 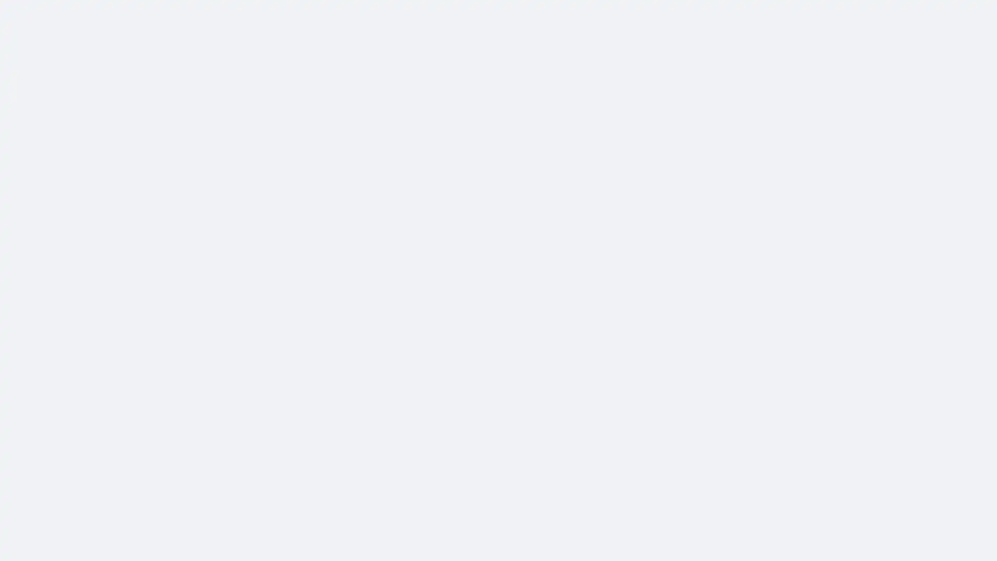 What do you see at coordinates (596, 500) in the screenshot?
I see `Comment` at bounding box center [596, 500].